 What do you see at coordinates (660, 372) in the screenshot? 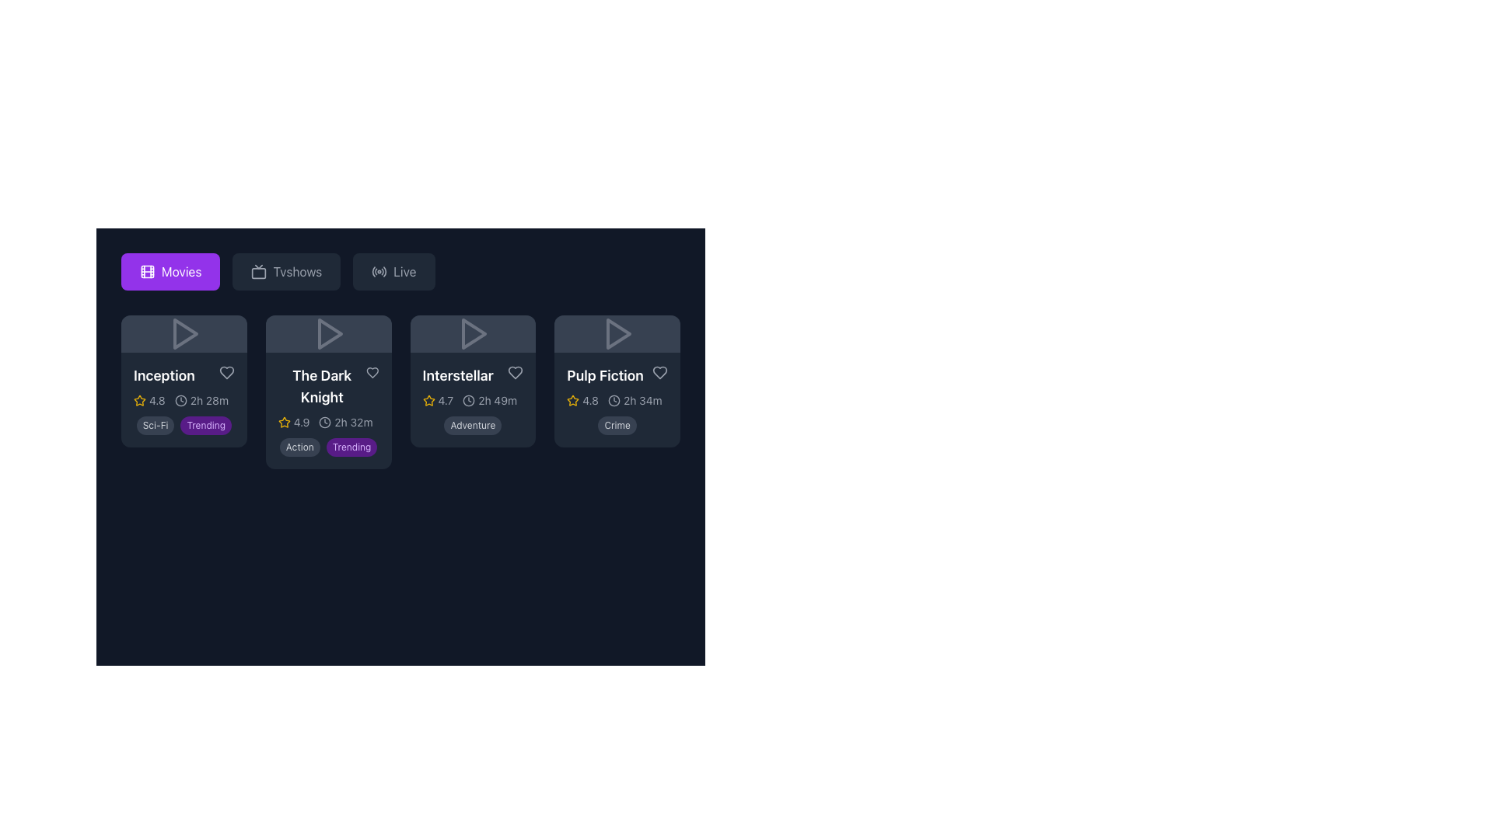
I see `the heart icon next to the title 'Pulp Fiction'` at bounding box center [660, 372].